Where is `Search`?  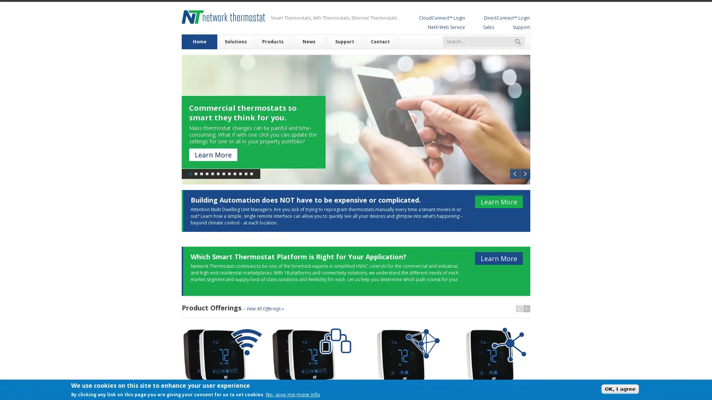 Search is located at coordinates (517, 41).